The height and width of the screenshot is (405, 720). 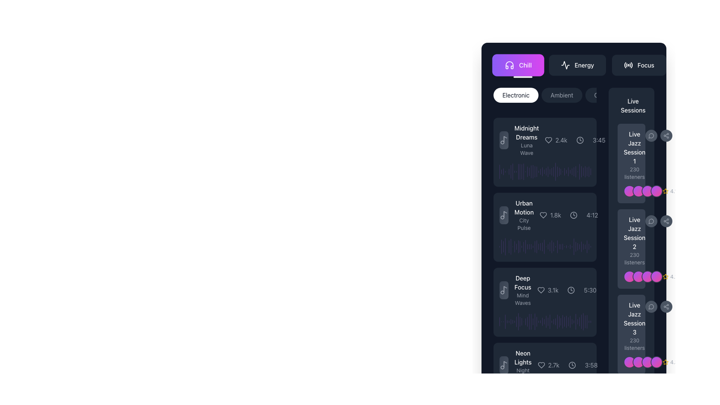 I want to click on the star icon indicating a rating for the 'Live Jazz Session', which is located to the right of the rating text ('4.1'), so click(x=666, y=190).